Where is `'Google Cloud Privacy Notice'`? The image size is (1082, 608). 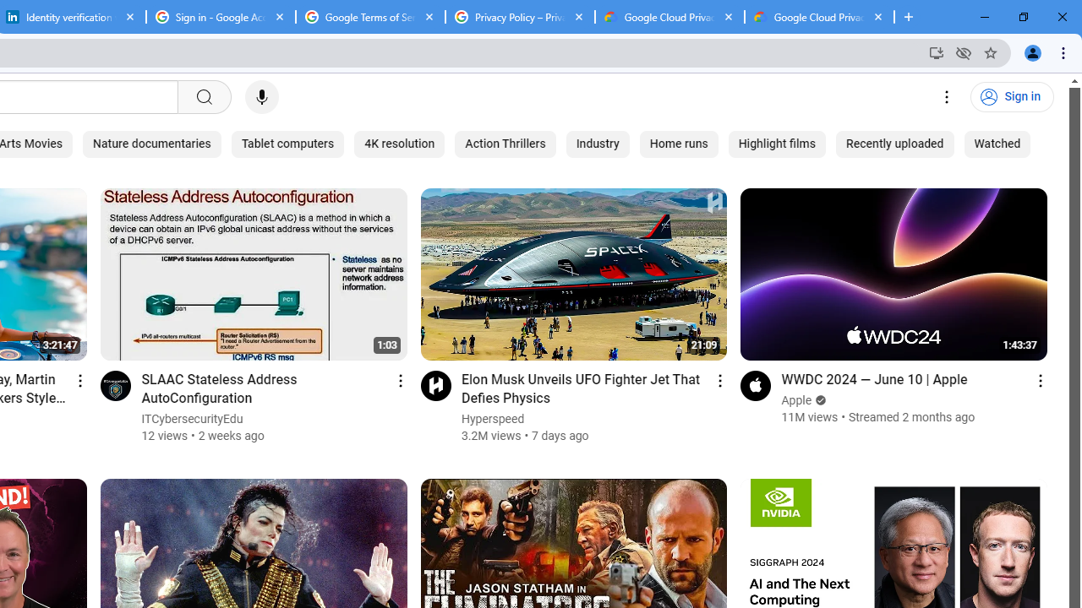 'Google Cloud Privacy Notice' is located at coordinates (819, 17).